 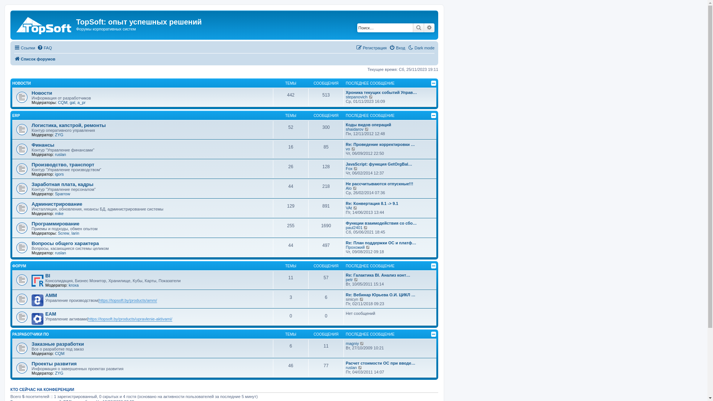 What do you see at coordinates (61, 154) in the screenshot?
I see `'ruslan'` at bounding box center [61, 154].